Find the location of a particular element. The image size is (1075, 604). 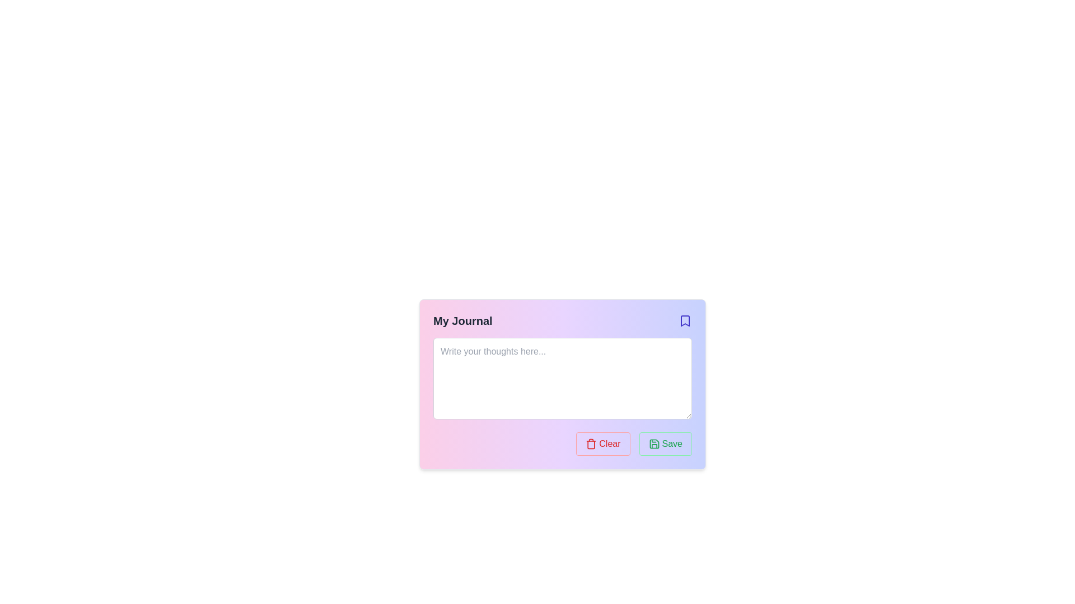

the 'Save' text label within the button located at the bottom-right corner of the journal interface is located at coordinates (672, 443).